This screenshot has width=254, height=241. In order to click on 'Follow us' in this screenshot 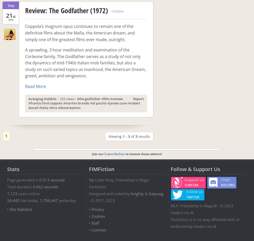, I will do `click(194, 191)`.